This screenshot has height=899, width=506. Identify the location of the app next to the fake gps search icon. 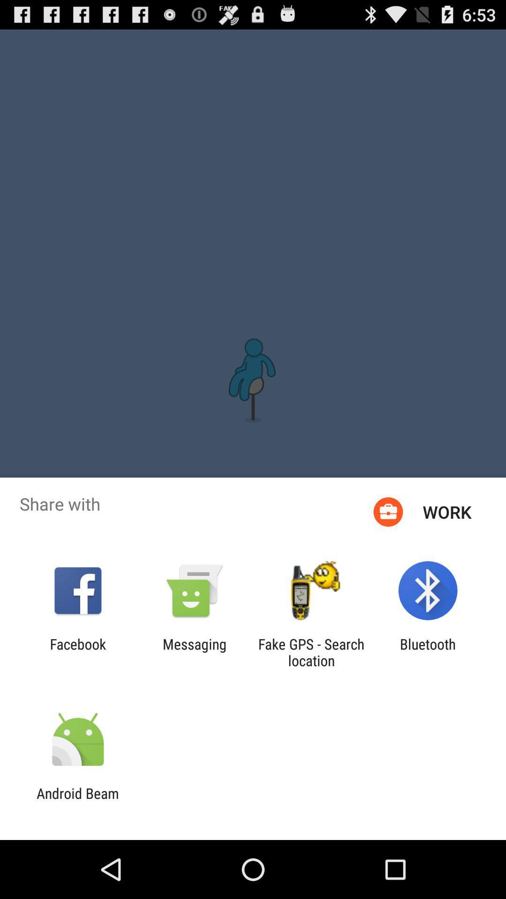
(428, 652).